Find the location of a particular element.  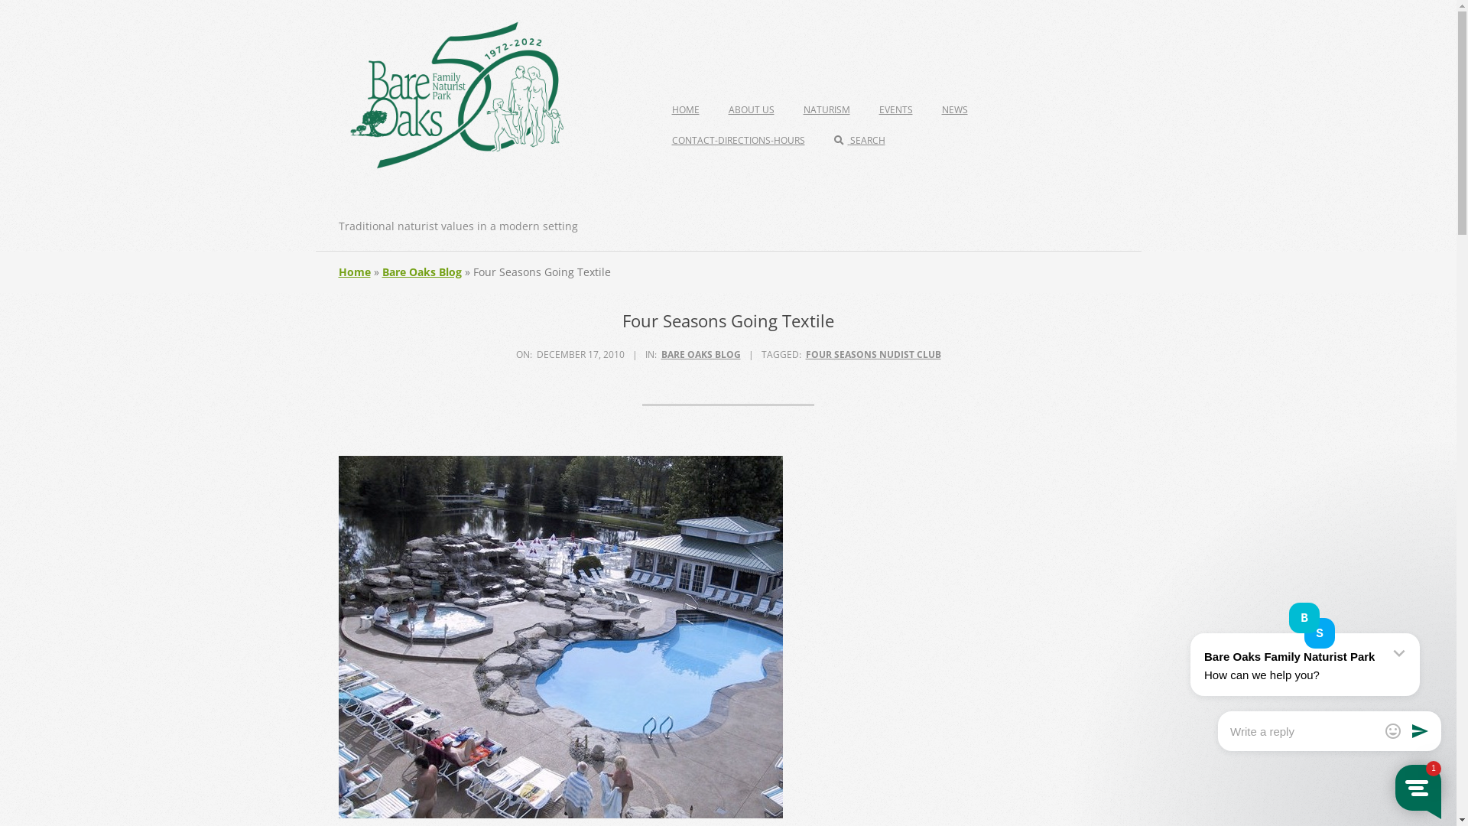

'EVENTS' is located at coordinates (895, 109).